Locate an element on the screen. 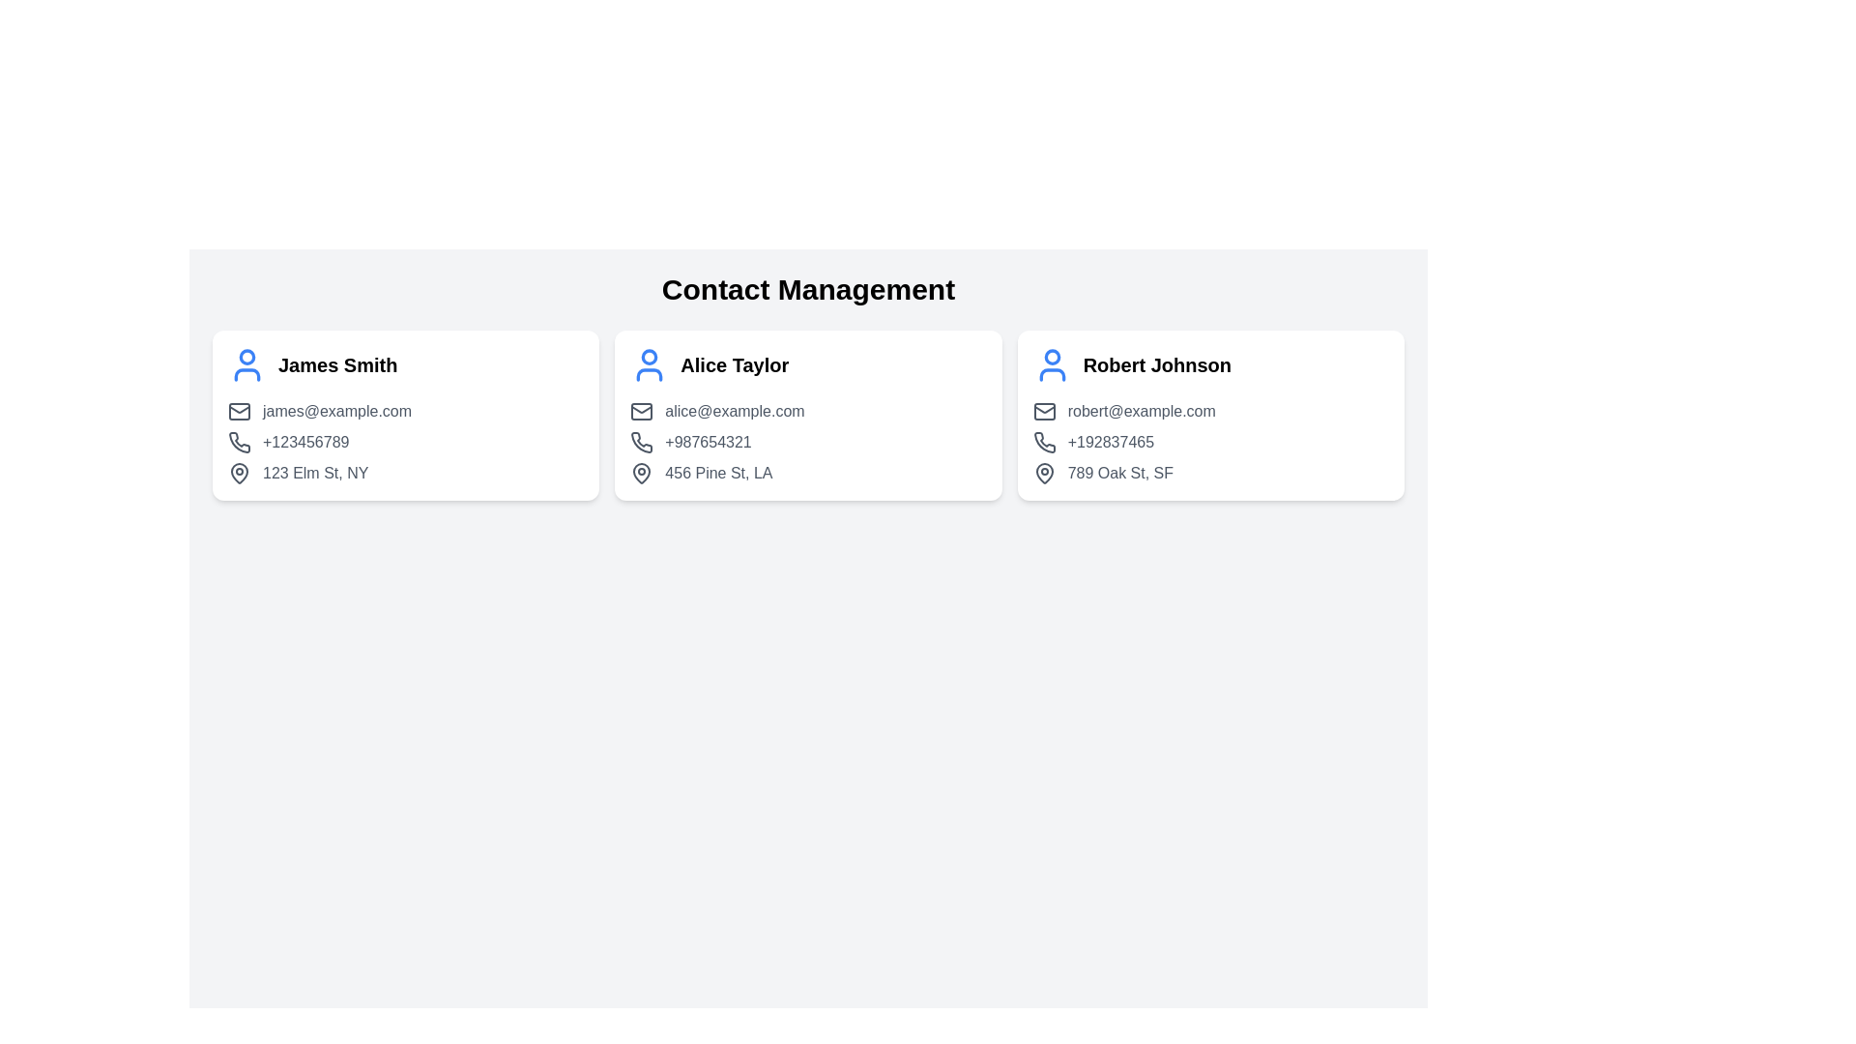 This screenshot has height=1044, width=1856. the map pin icon located in the third contact card on the rightmost side of the layout, which is positioned below the phone number and next to the address text '789 Oak St, SF' is located at coordinates (1043, 473).